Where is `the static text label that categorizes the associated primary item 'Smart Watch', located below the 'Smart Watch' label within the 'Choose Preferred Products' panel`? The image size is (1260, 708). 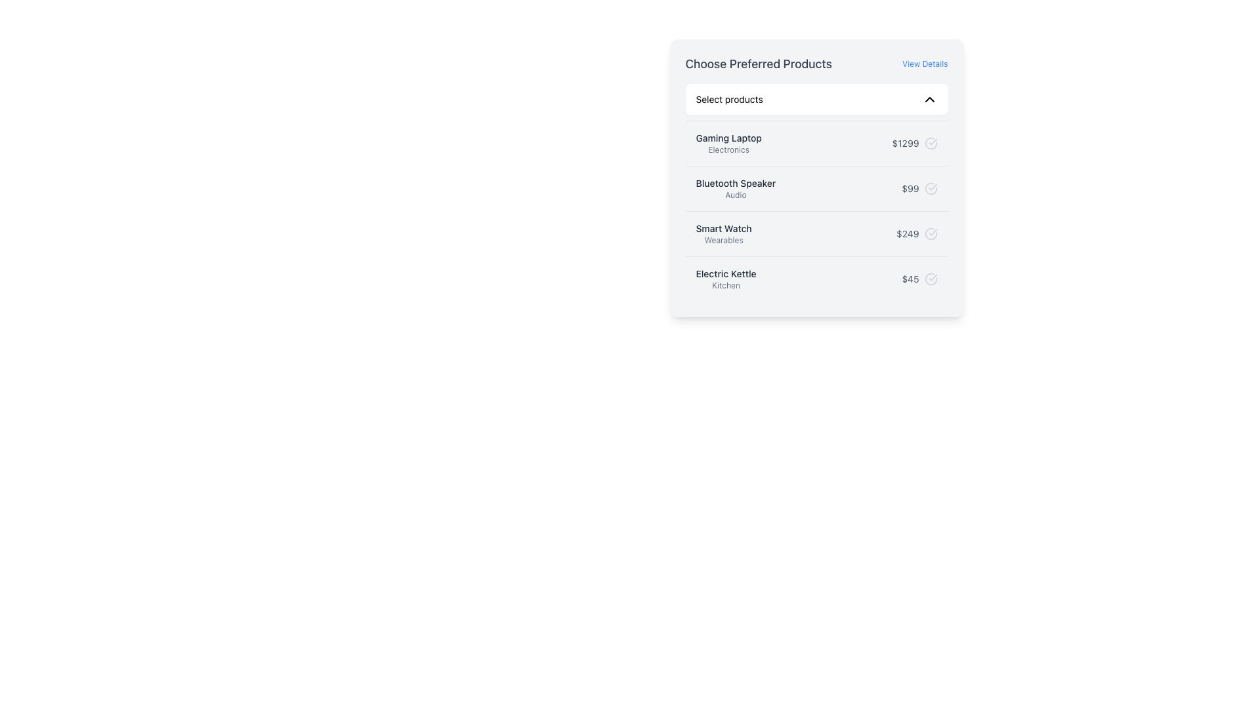 the static text label that categorizes the associated primary item 'Smart Watch', located below the 'Smart Watch' label within the 'Choose Preferred Products' panel is located at coordinates (723, 240).